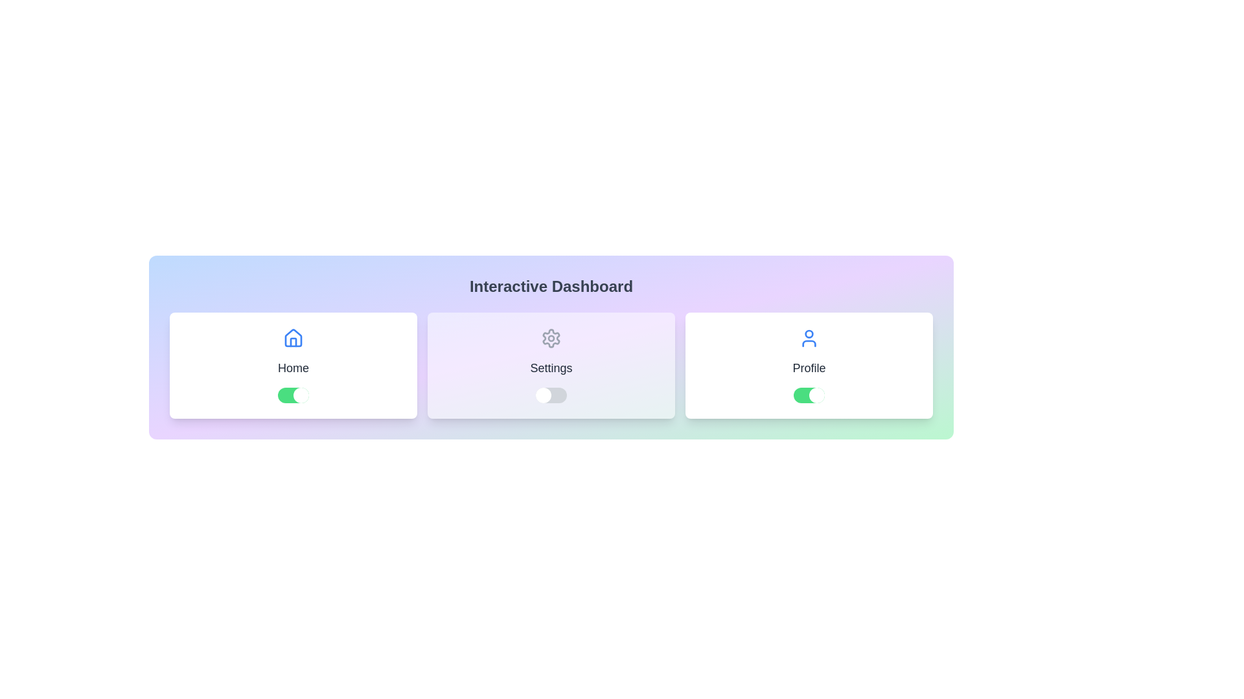 The height and width of the screenshot is (699, 1244). Describe the element at coordinates (551, 338) in the screenshot. I see `the icon representing the Settings option` at that location.